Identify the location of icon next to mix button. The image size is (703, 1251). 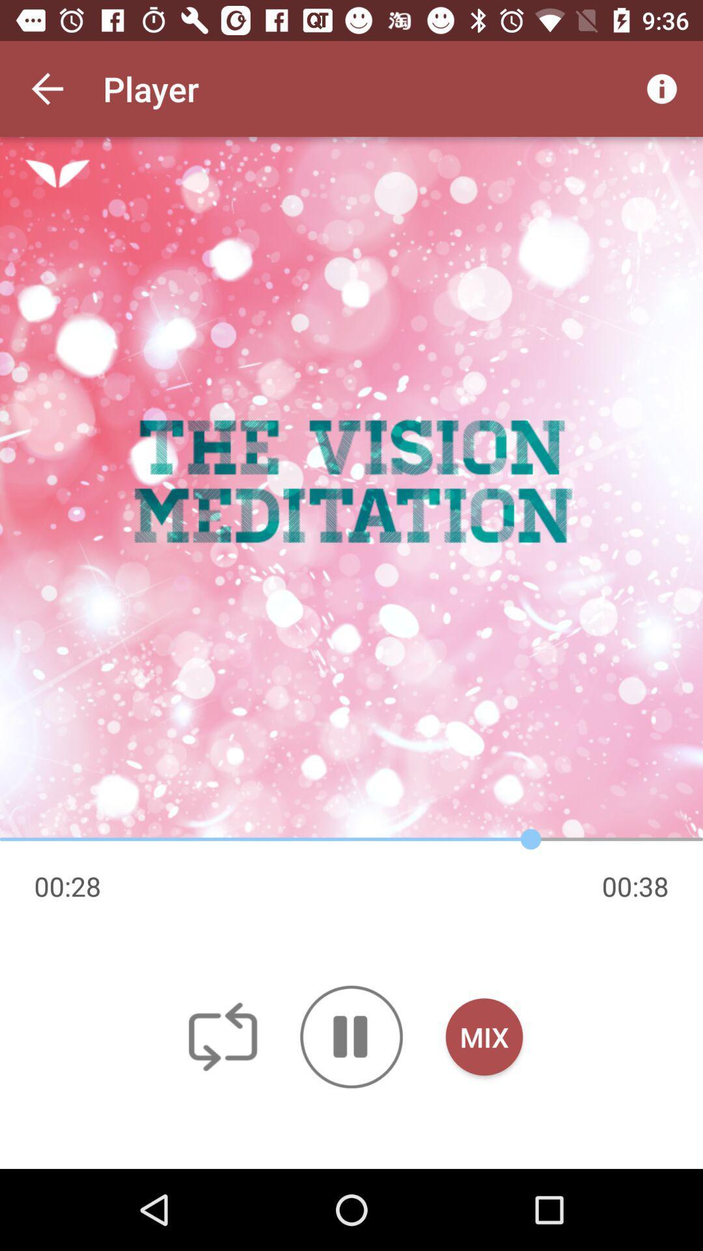
(351, 1036).